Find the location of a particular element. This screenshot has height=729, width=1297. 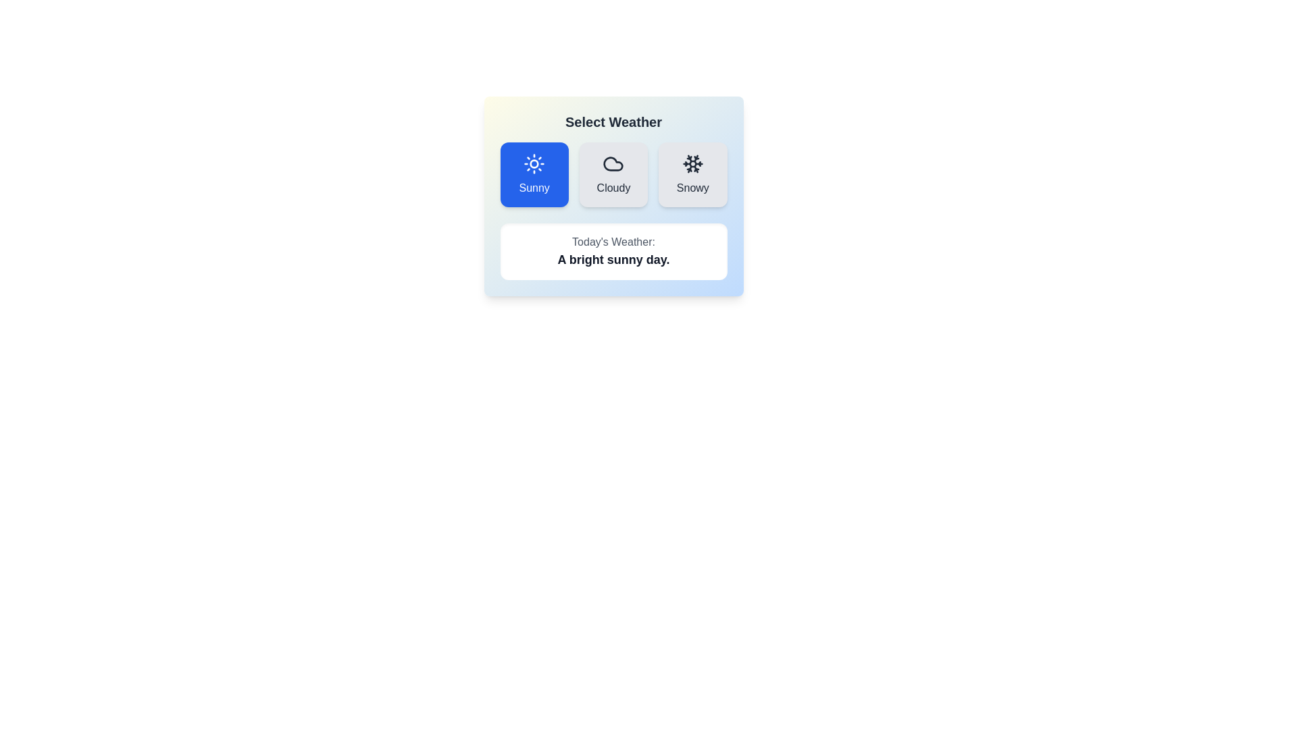

the icon and label for the weather option 'Snowy' is located at coordinates (692, 173).